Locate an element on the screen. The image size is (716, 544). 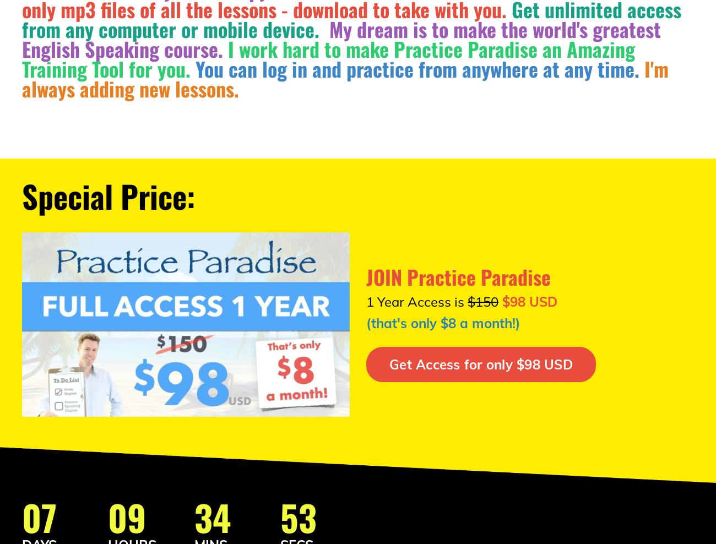
'My dream is to make the world's greatest English Speaking course.' is located at coordinates (341, 39).